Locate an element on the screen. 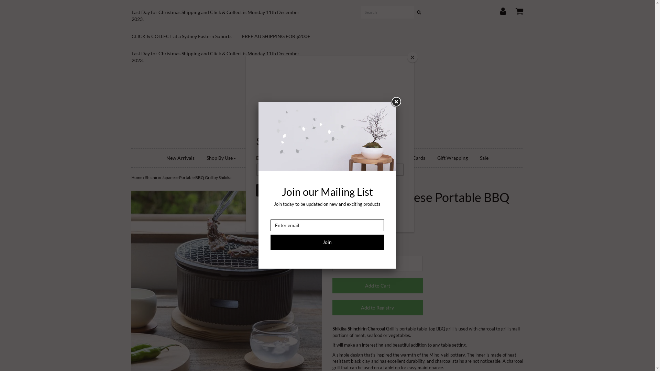  'Shop by Material' is located at coordinates (267, 158).